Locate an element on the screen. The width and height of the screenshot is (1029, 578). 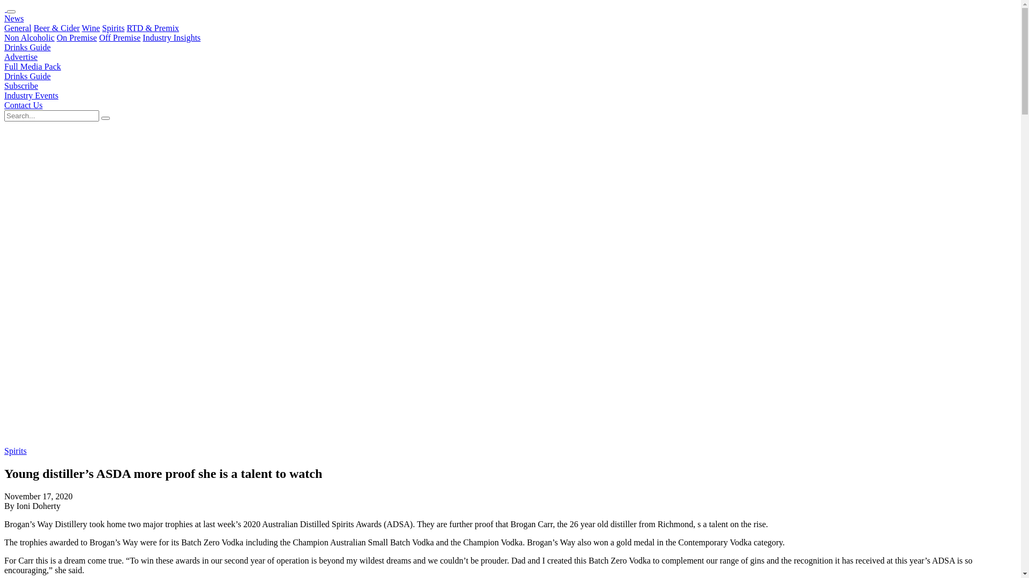
'Spirits' is located at coordinates (113, 27).